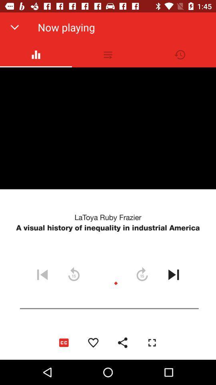  What do you see at coordinates (42, 274) in the screenshot?
I see `the skip_previous icon` at bounding box center [42, 274].